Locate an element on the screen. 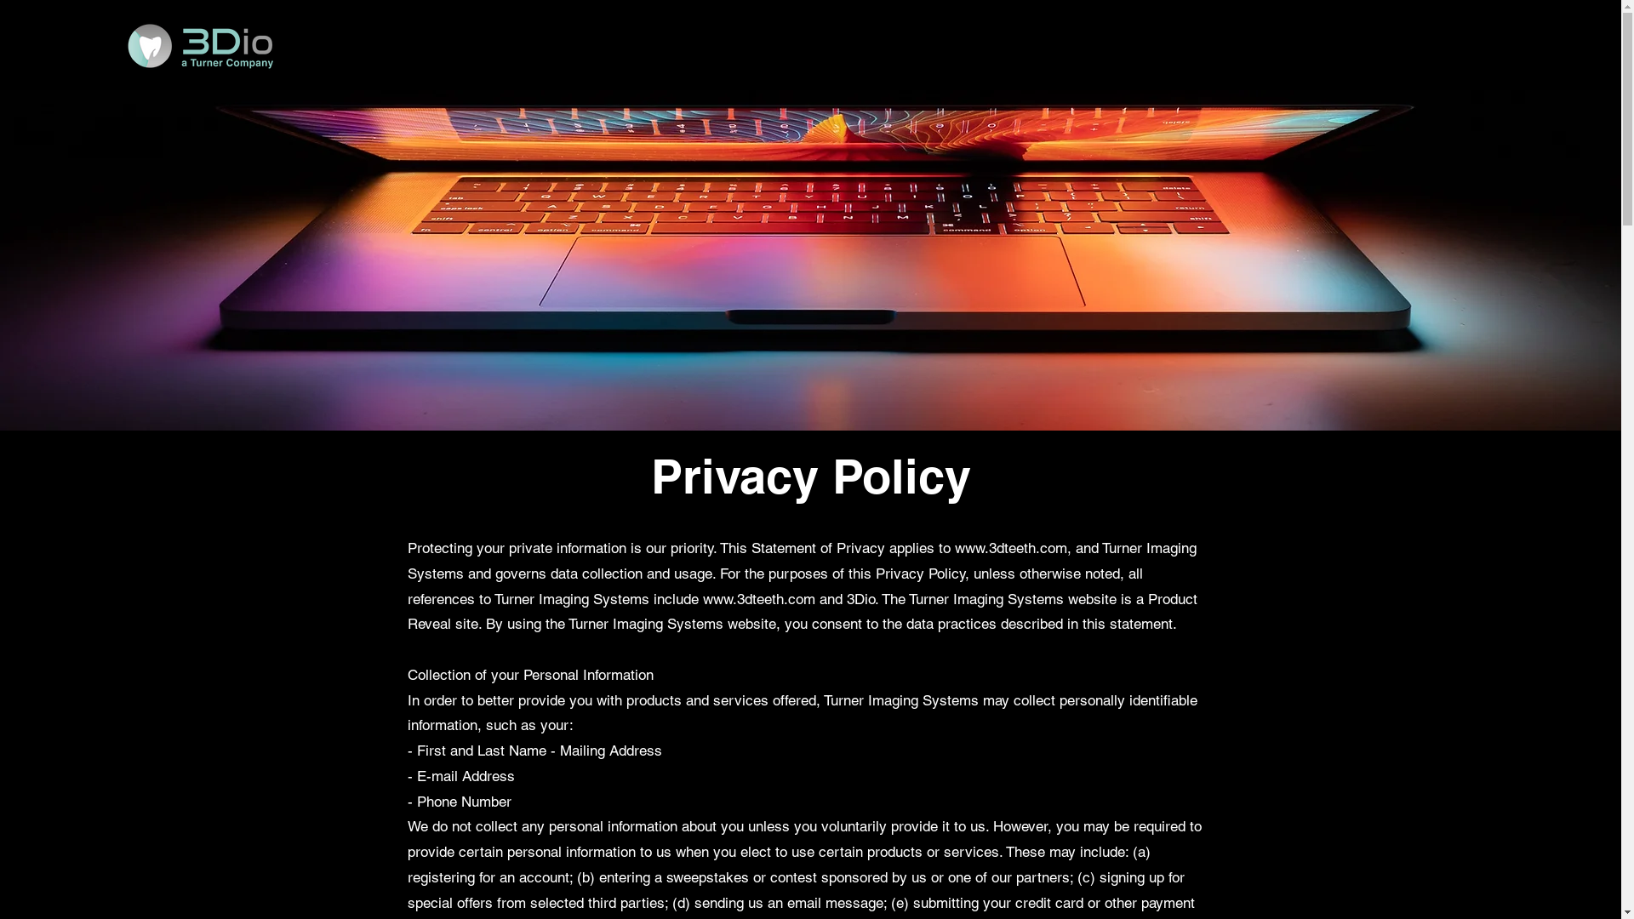 This screenshot has width=1634, height=919. '3Dio Logo' is located at coordinates (199, 45).